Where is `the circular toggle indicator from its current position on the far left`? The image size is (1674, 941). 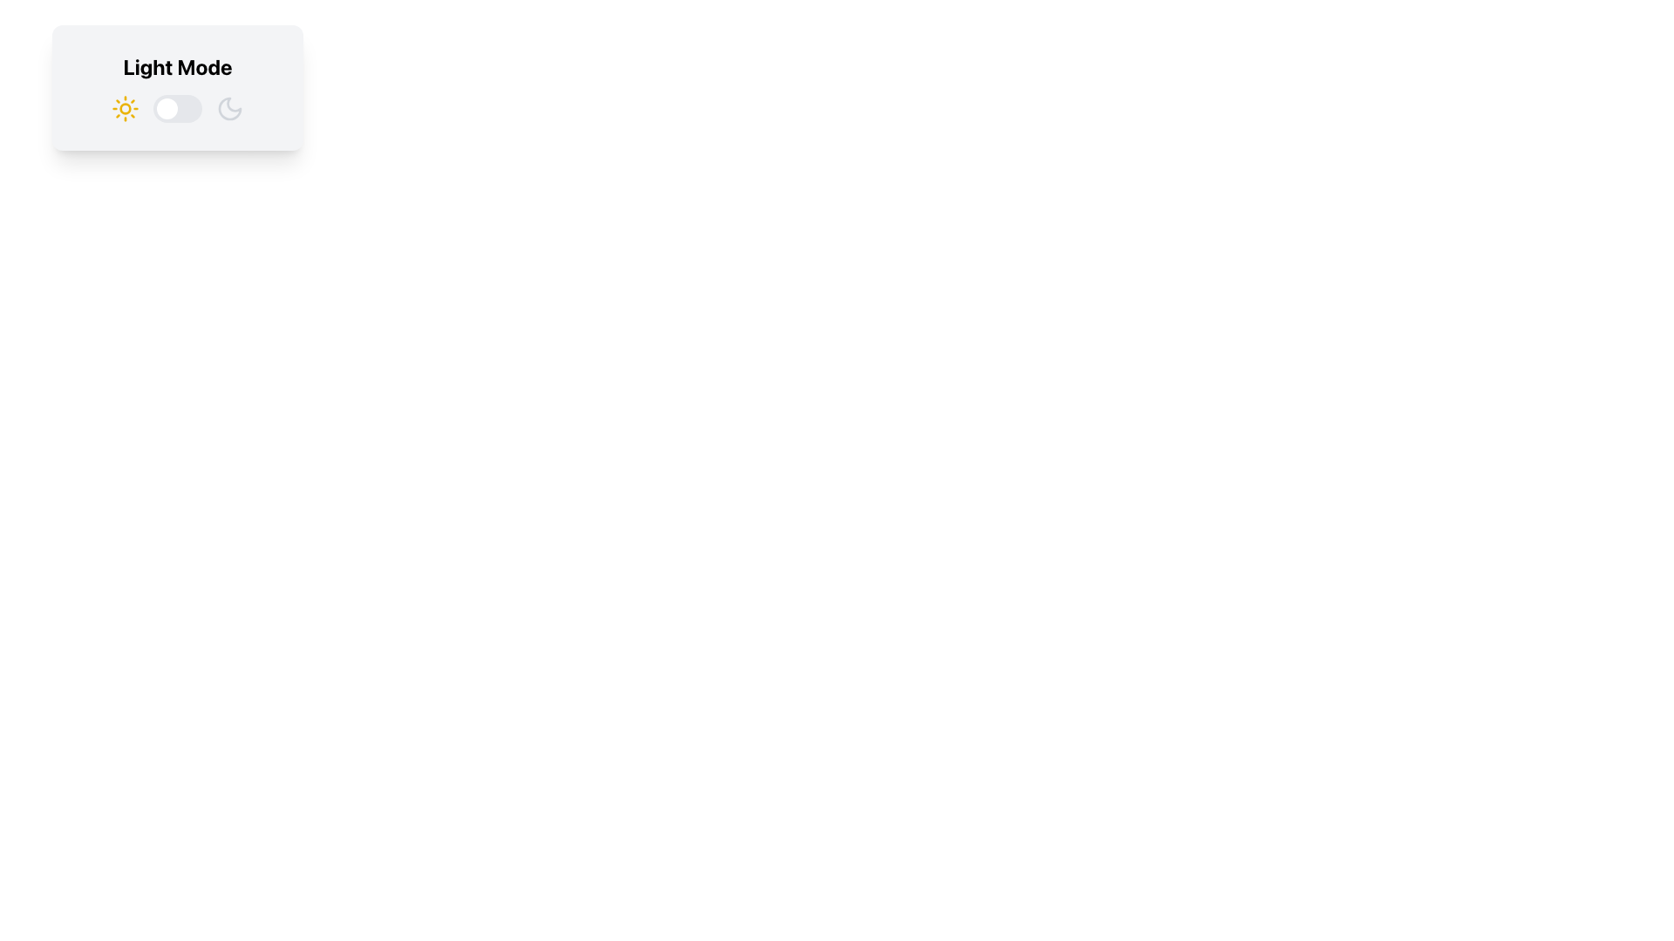
the circular toggle indicator from its current position on the far left is located at coordinates (167, 108).